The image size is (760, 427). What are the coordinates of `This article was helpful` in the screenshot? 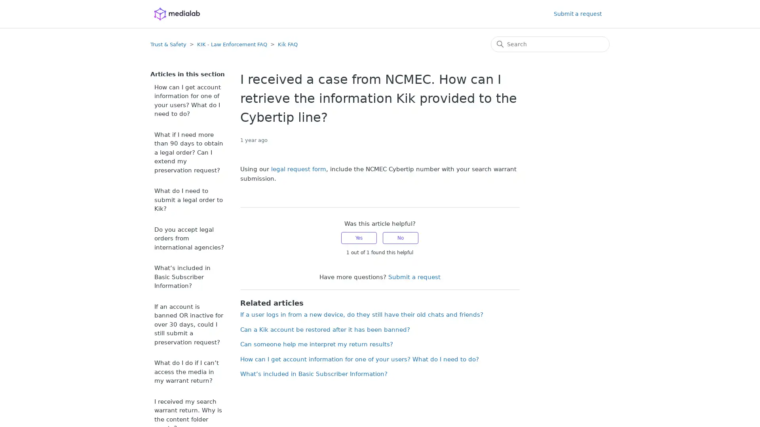 It's located at (359, 237).